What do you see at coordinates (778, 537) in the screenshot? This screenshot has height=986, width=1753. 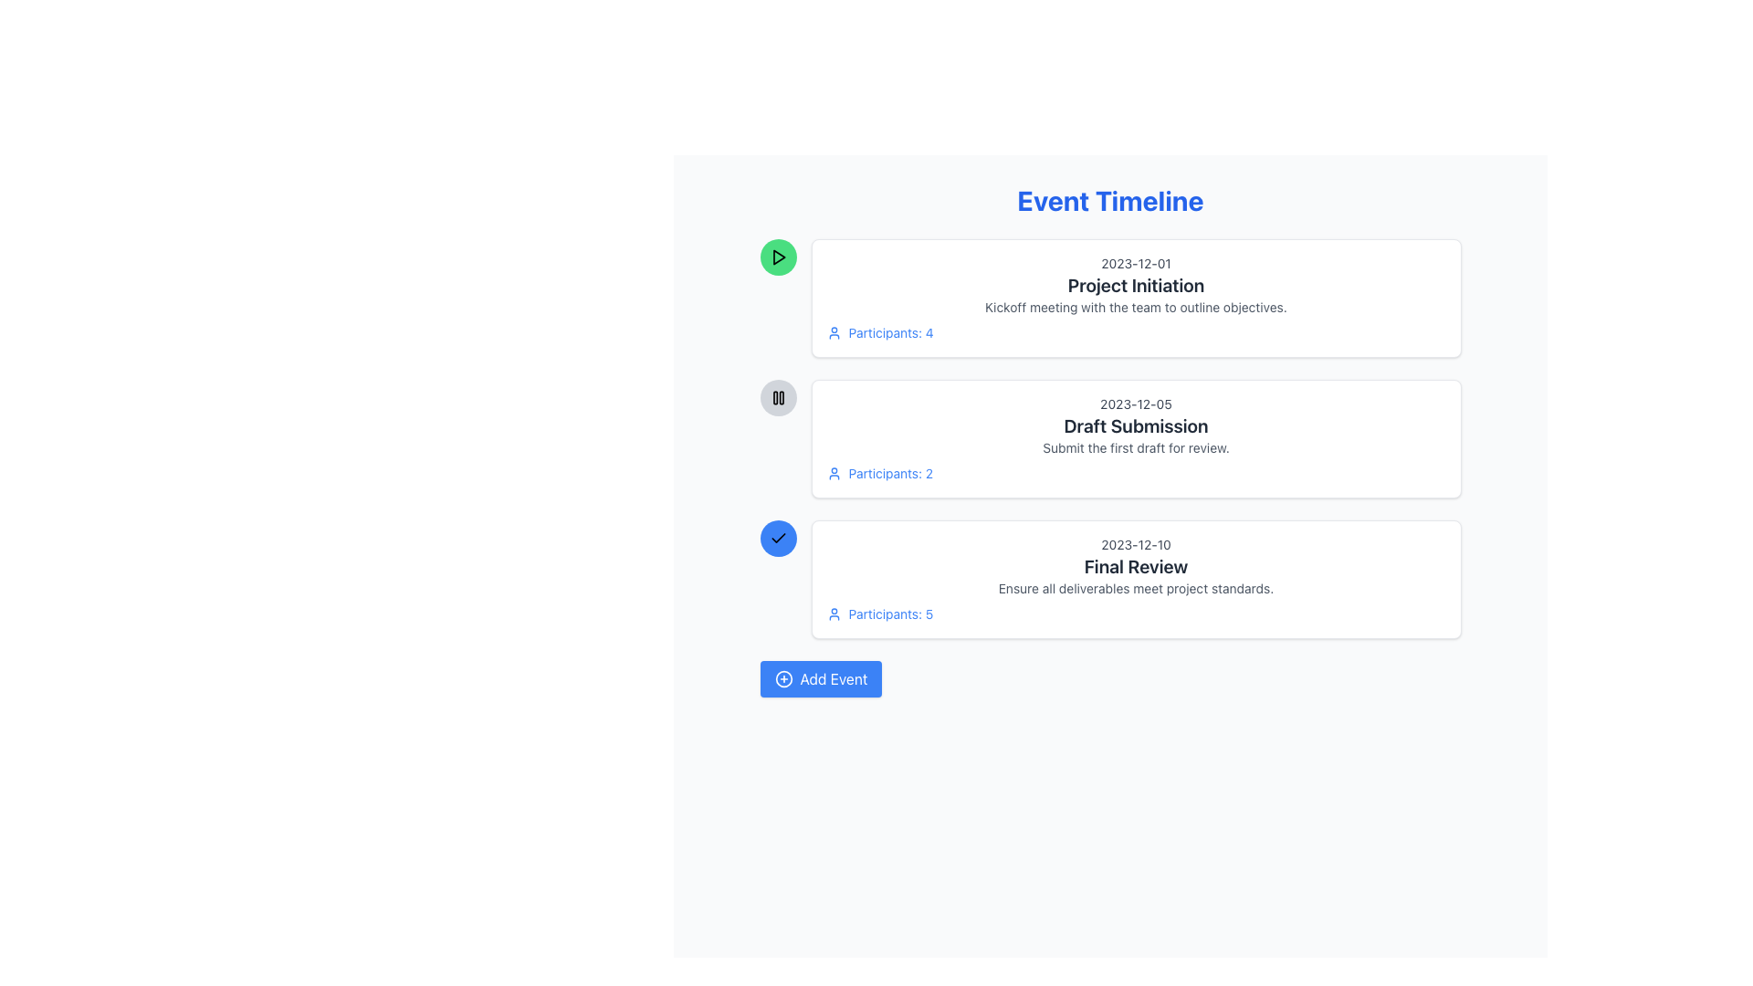 I see `the small checkmark icon enclosed within a circular blue background located beside the 'Final Review' card in the Event Timeline interface` at bounding box center [778, 537].